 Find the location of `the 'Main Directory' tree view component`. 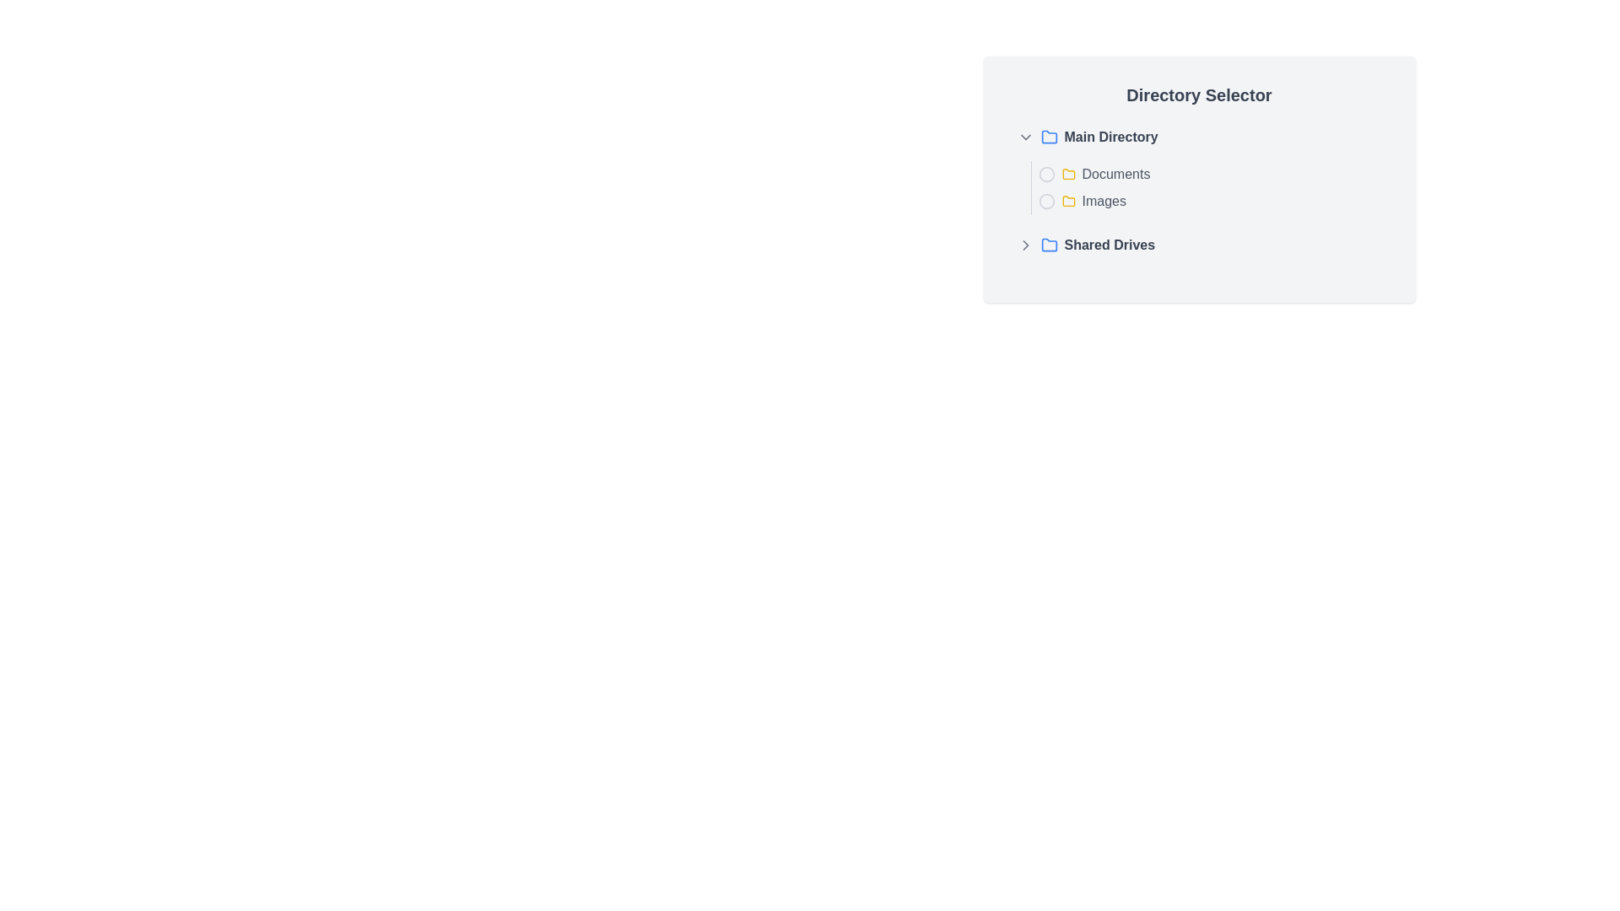

the 'Main Directory' tree view component is located at coordinates (1198, 168).